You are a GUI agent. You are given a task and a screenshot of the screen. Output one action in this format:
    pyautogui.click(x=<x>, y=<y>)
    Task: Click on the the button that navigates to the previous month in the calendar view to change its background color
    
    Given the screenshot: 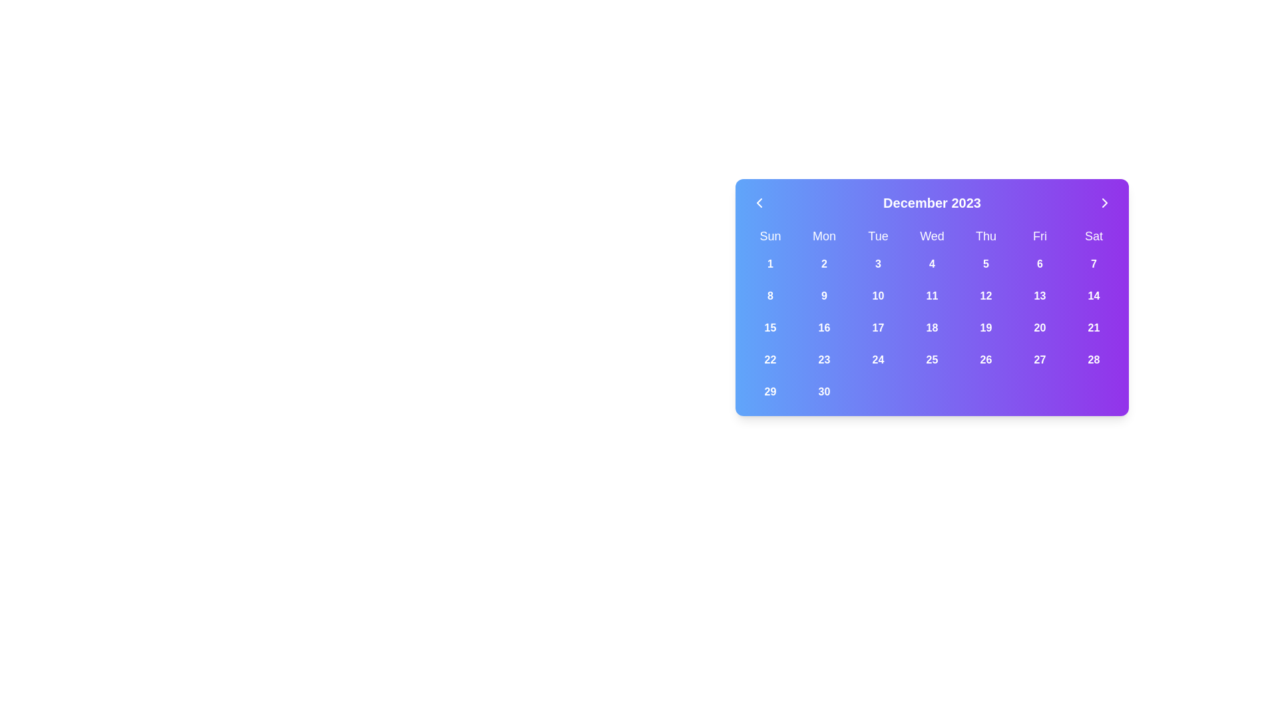 What is the action you would take?
    pyautogui.click(x=759, y=202)
    